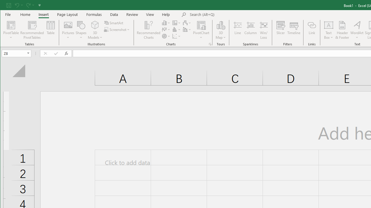 This screenshot has width=371, height=208. What do you see at coordinates (329, 30) in the screenshot?
I see `'Text Box'` at bounding box center [329, 30].